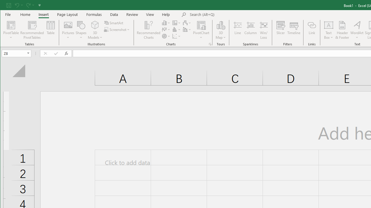 This screenshot has width=371, height=208. What do you see at coordinates (329, 30) in the screenshot?
I see `'Text Box'` at bounding box center [329, 30].